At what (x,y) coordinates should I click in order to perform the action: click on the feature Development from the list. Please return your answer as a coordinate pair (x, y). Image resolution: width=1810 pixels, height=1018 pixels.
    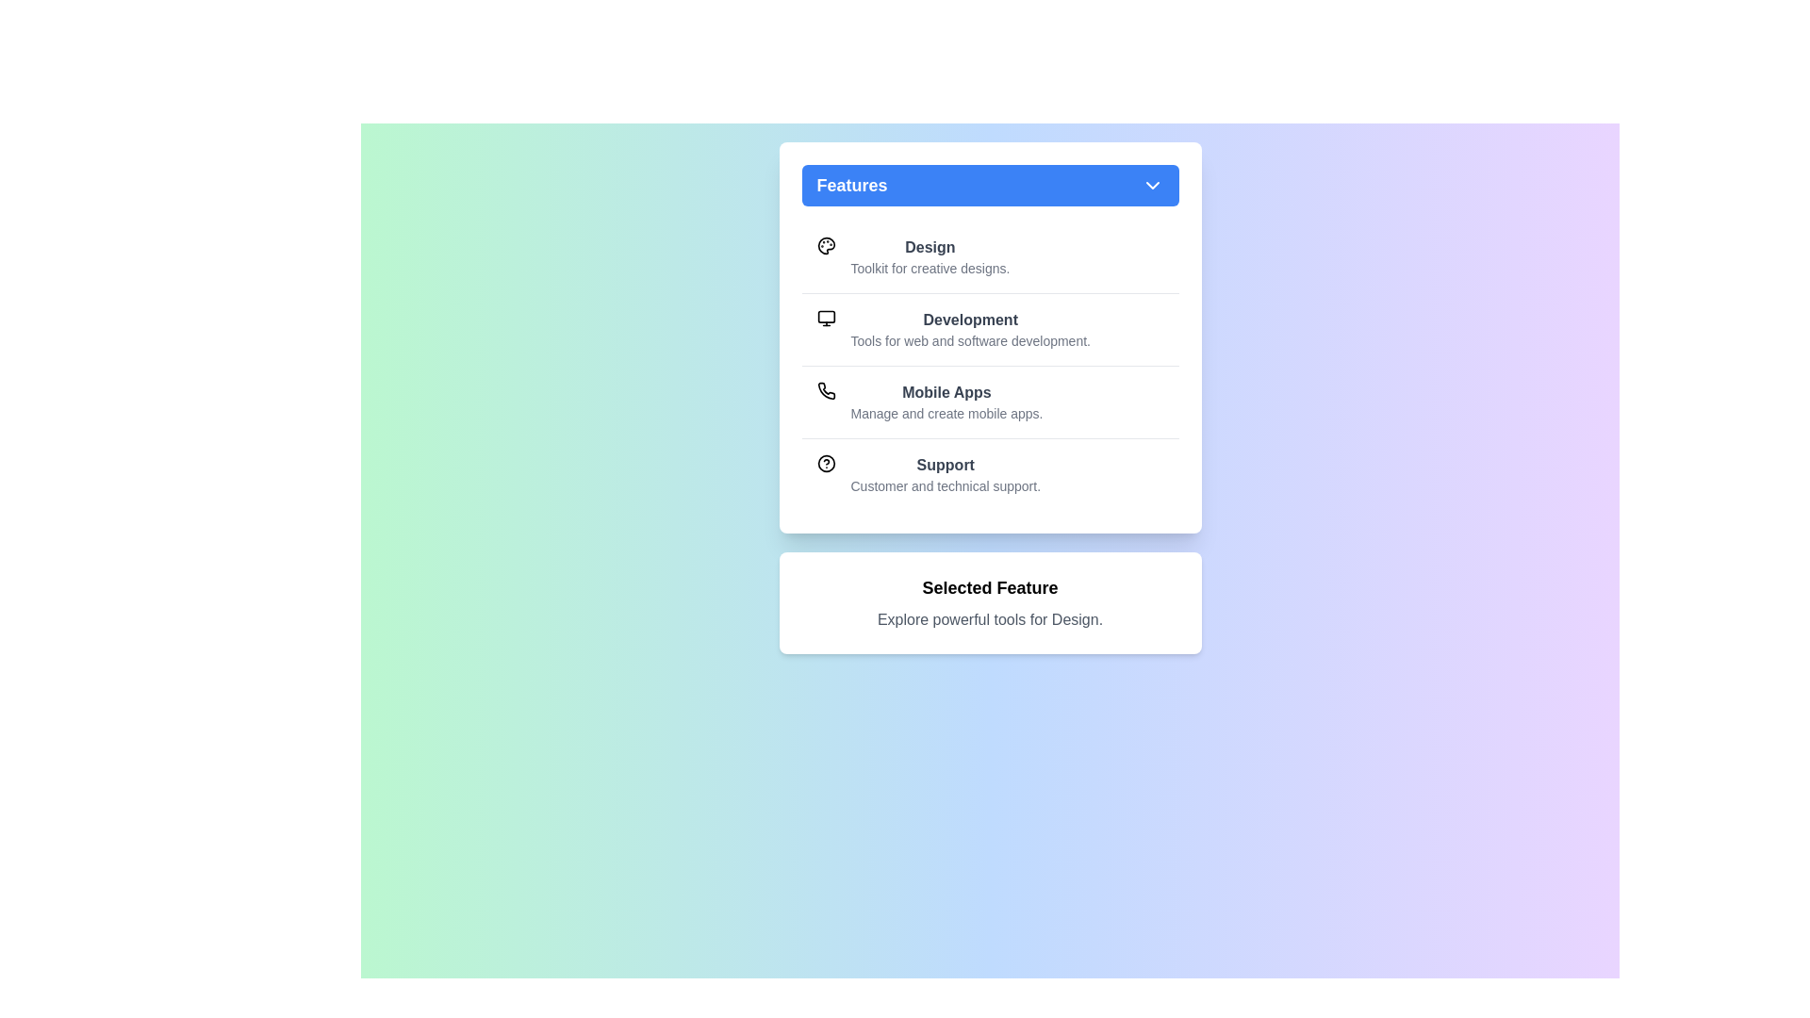
    Looking at the image, I should click on (989, 328).